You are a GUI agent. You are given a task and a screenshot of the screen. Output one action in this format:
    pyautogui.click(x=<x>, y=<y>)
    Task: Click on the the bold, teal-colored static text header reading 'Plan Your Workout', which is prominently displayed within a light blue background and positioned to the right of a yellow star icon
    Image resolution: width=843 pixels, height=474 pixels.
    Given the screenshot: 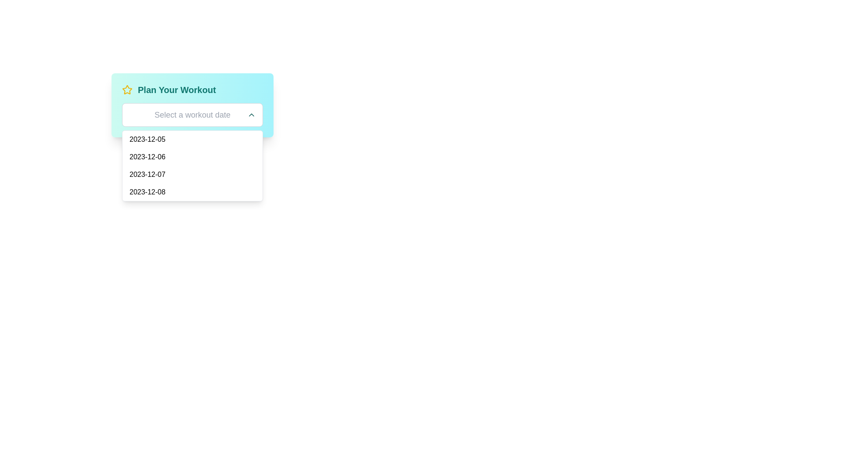 What is the action you would take?
    pyautogui.click(x=176, y=90)
    